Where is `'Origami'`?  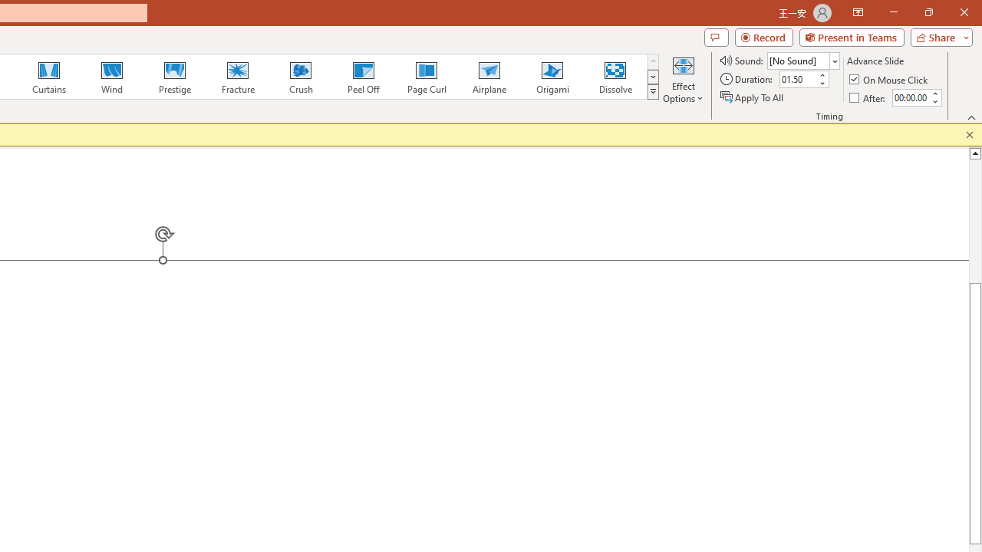
'Origami' is located at coordinates (552, 77).